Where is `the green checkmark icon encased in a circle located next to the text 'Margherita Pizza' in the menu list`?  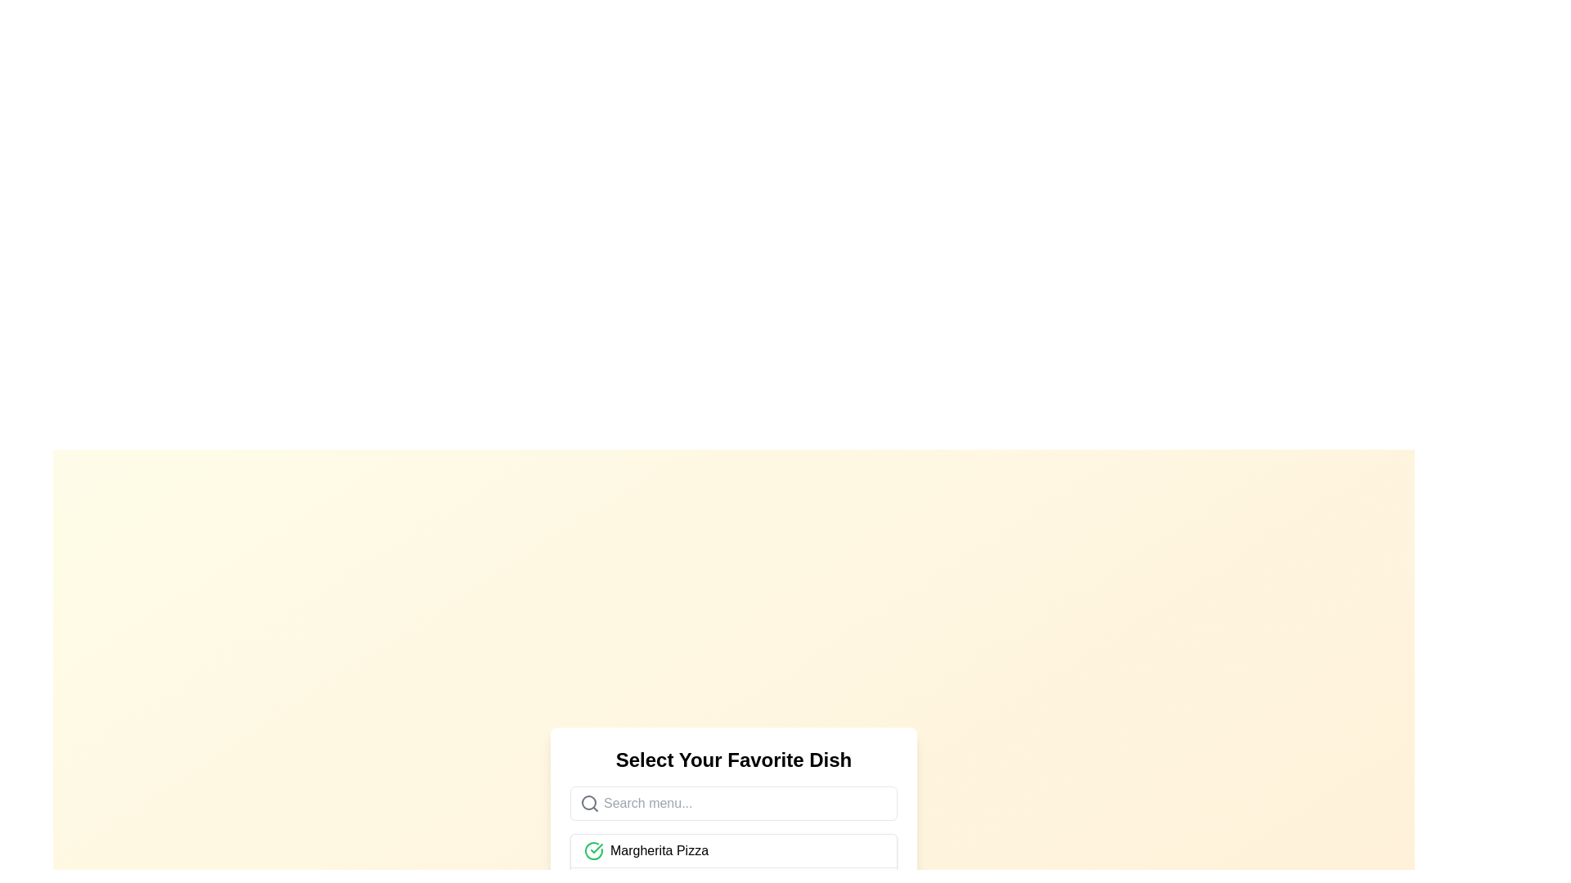 the green checkmark icon encased in a circle located next to the text 'Margherita Pizza' in the menu list is located at coordinates (592, 849).